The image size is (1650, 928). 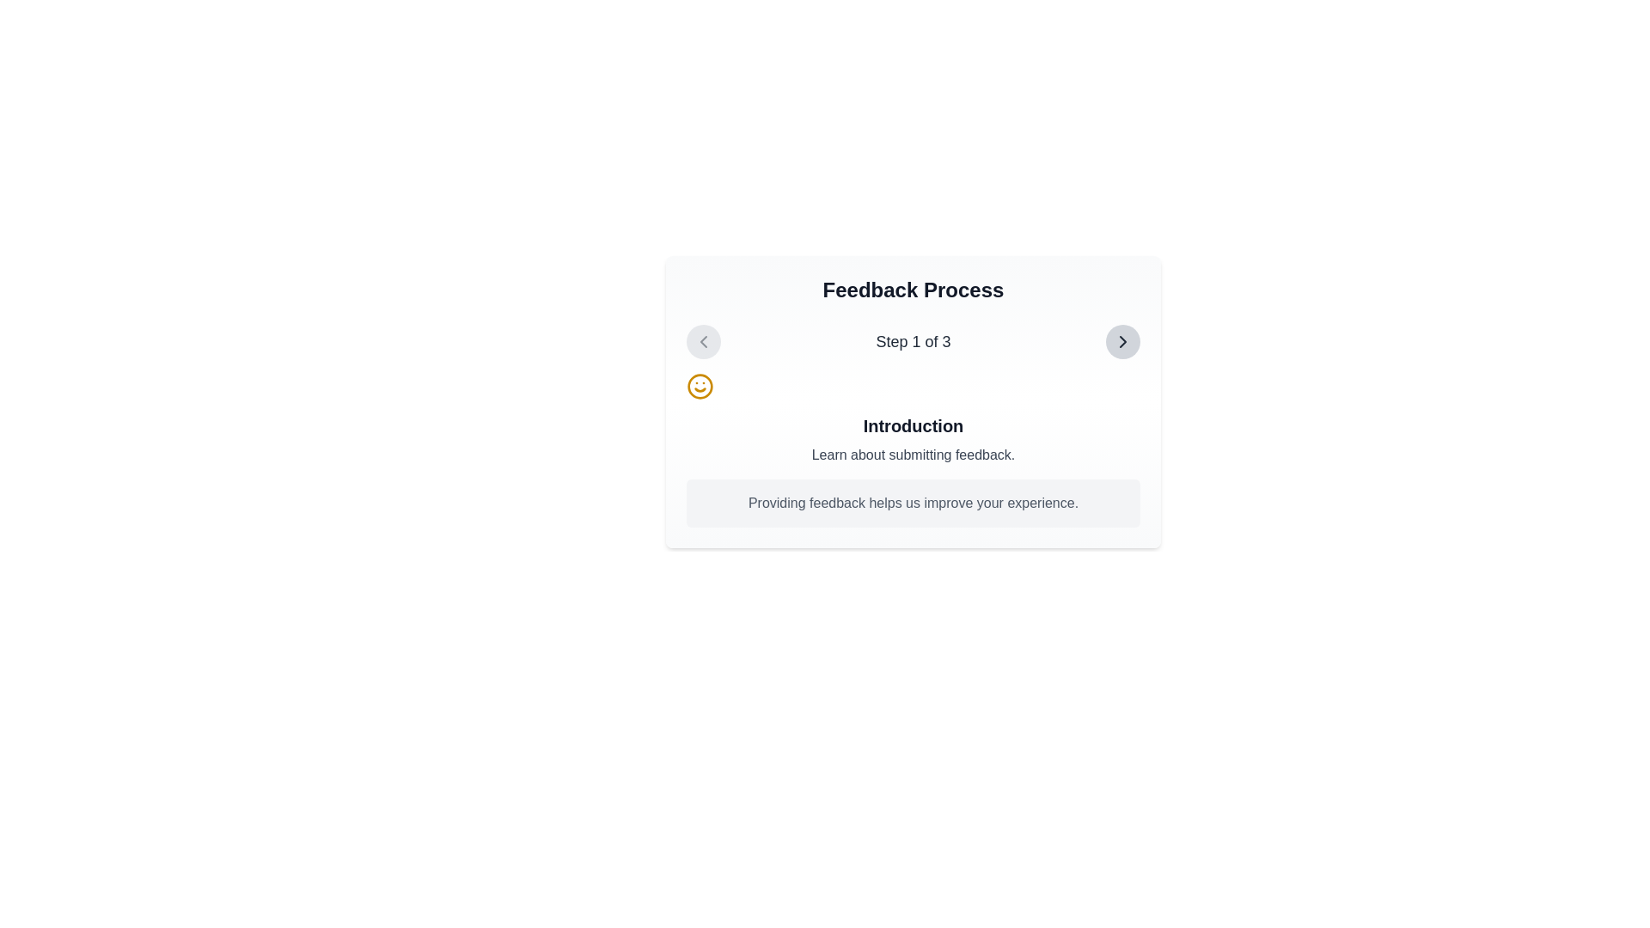 I want to click on the yellow circular smiley face icon located to the left of the text block labeled 'Introduction', so click(x=700, y=387).